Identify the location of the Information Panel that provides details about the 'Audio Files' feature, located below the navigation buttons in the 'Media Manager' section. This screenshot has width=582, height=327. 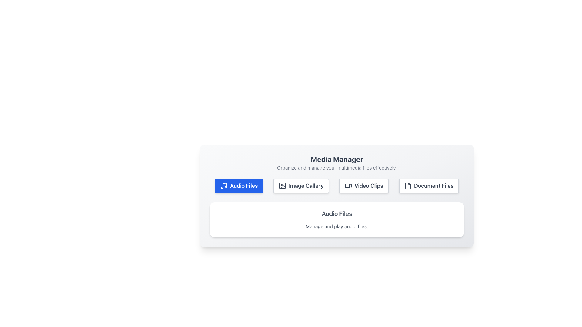
(336, 220).